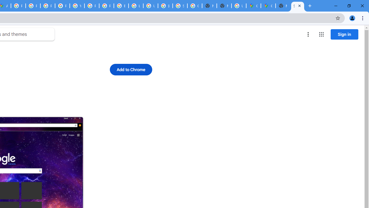  Describe the element at coordinates (239, 6) in the screenshot. I see `'Use Google Maps in Space - Google Maps Help'` at that location.